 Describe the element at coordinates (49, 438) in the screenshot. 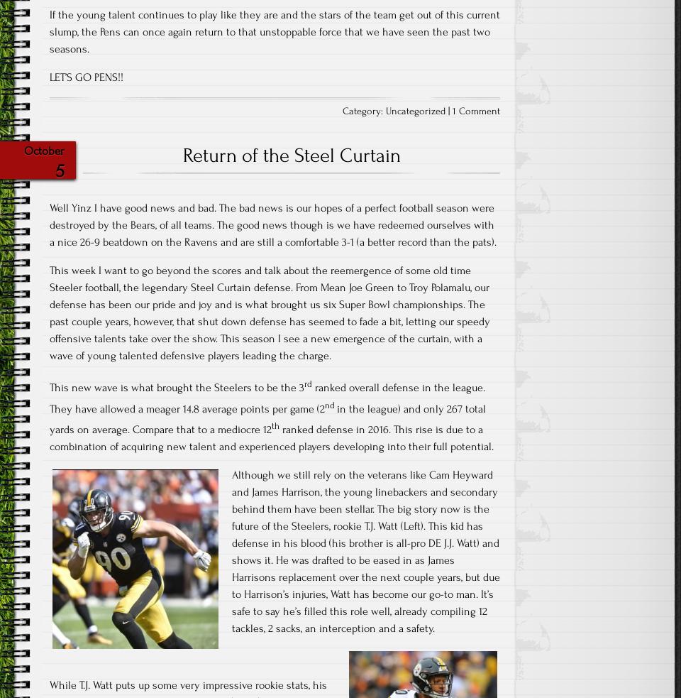

I see `'ranked defense in 2016. This rise is due to a combination of acquiring new talent and experienced players developing into their full potential.'` at that location.